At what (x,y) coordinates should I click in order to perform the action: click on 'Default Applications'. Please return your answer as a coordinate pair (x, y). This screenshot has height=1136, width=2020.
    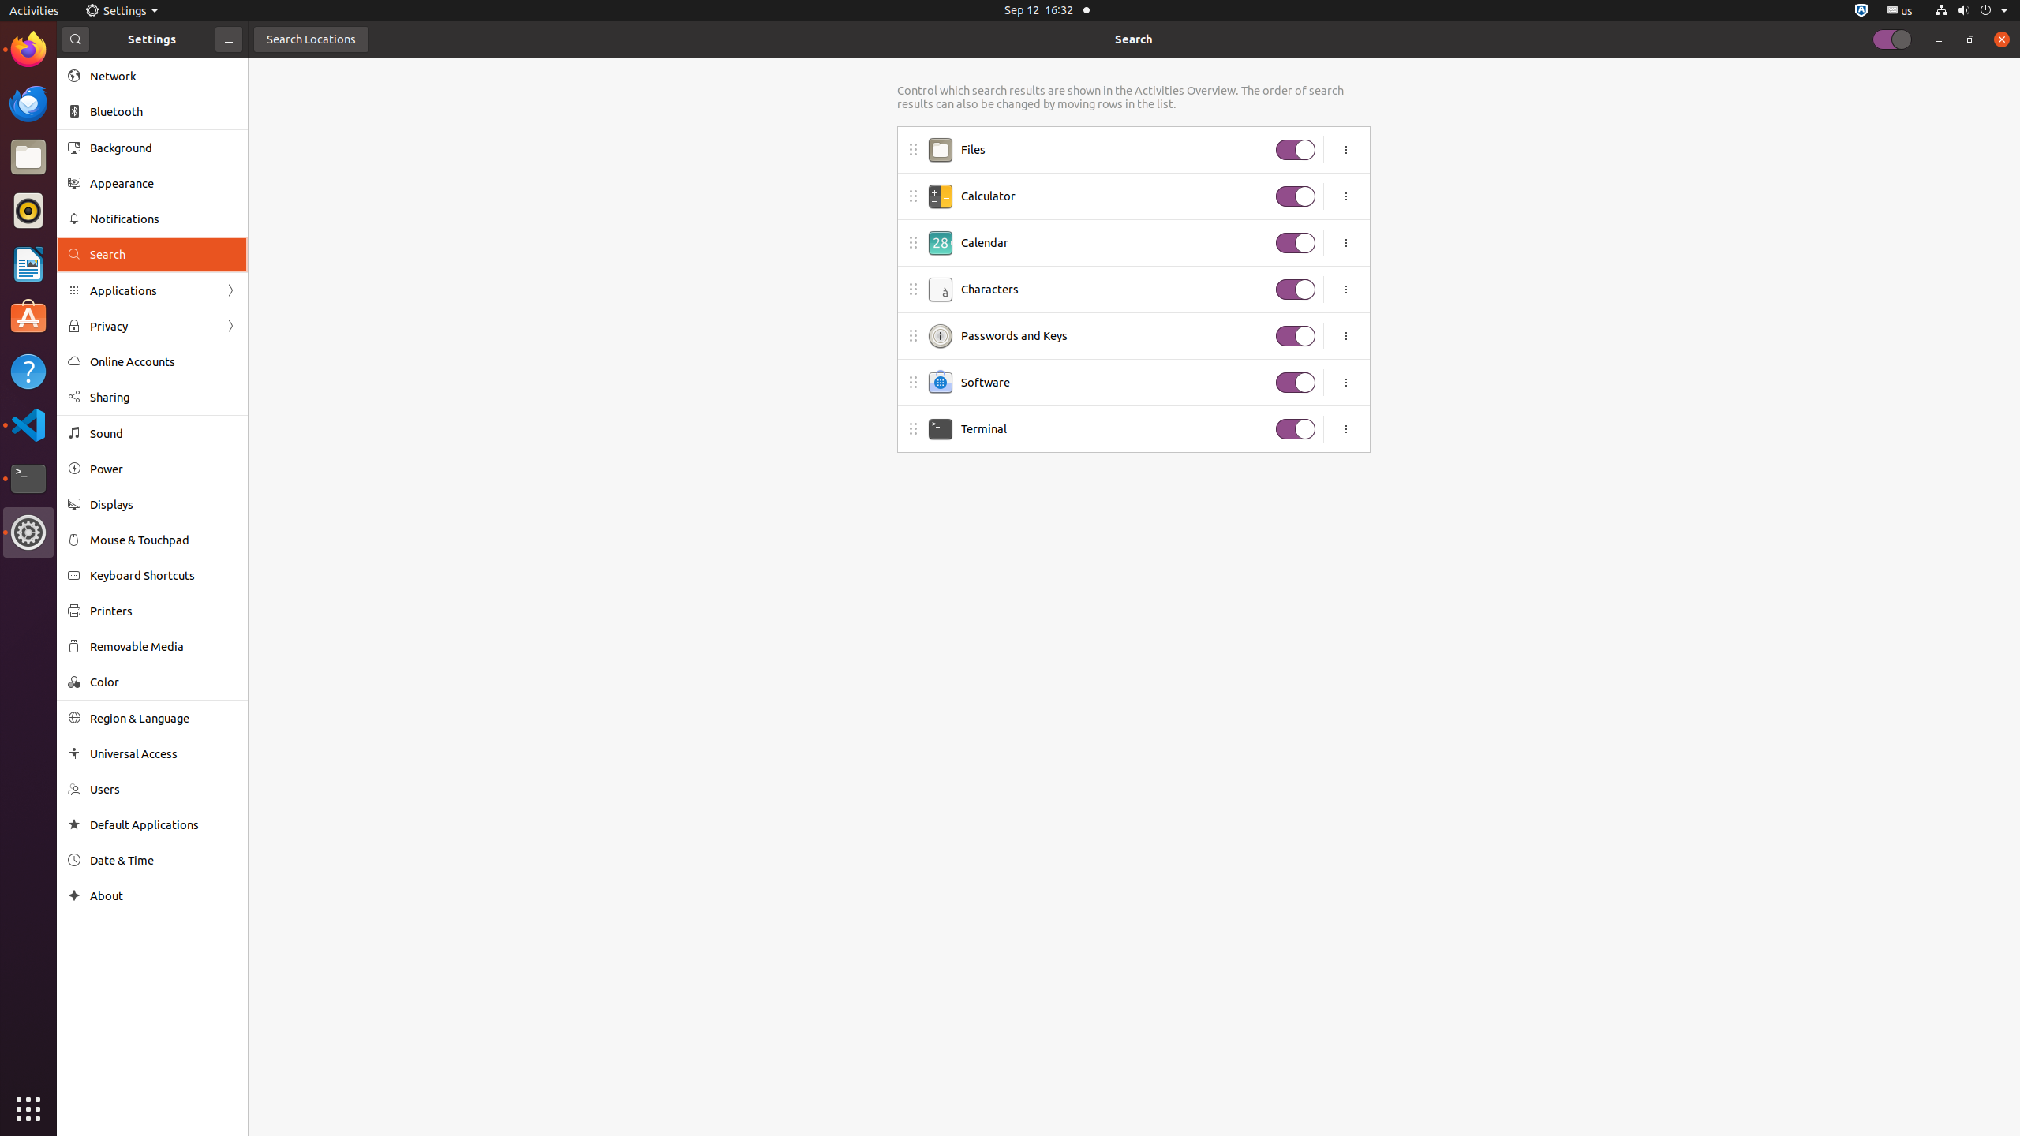
    Looking at the image, I should click on (163, 824).